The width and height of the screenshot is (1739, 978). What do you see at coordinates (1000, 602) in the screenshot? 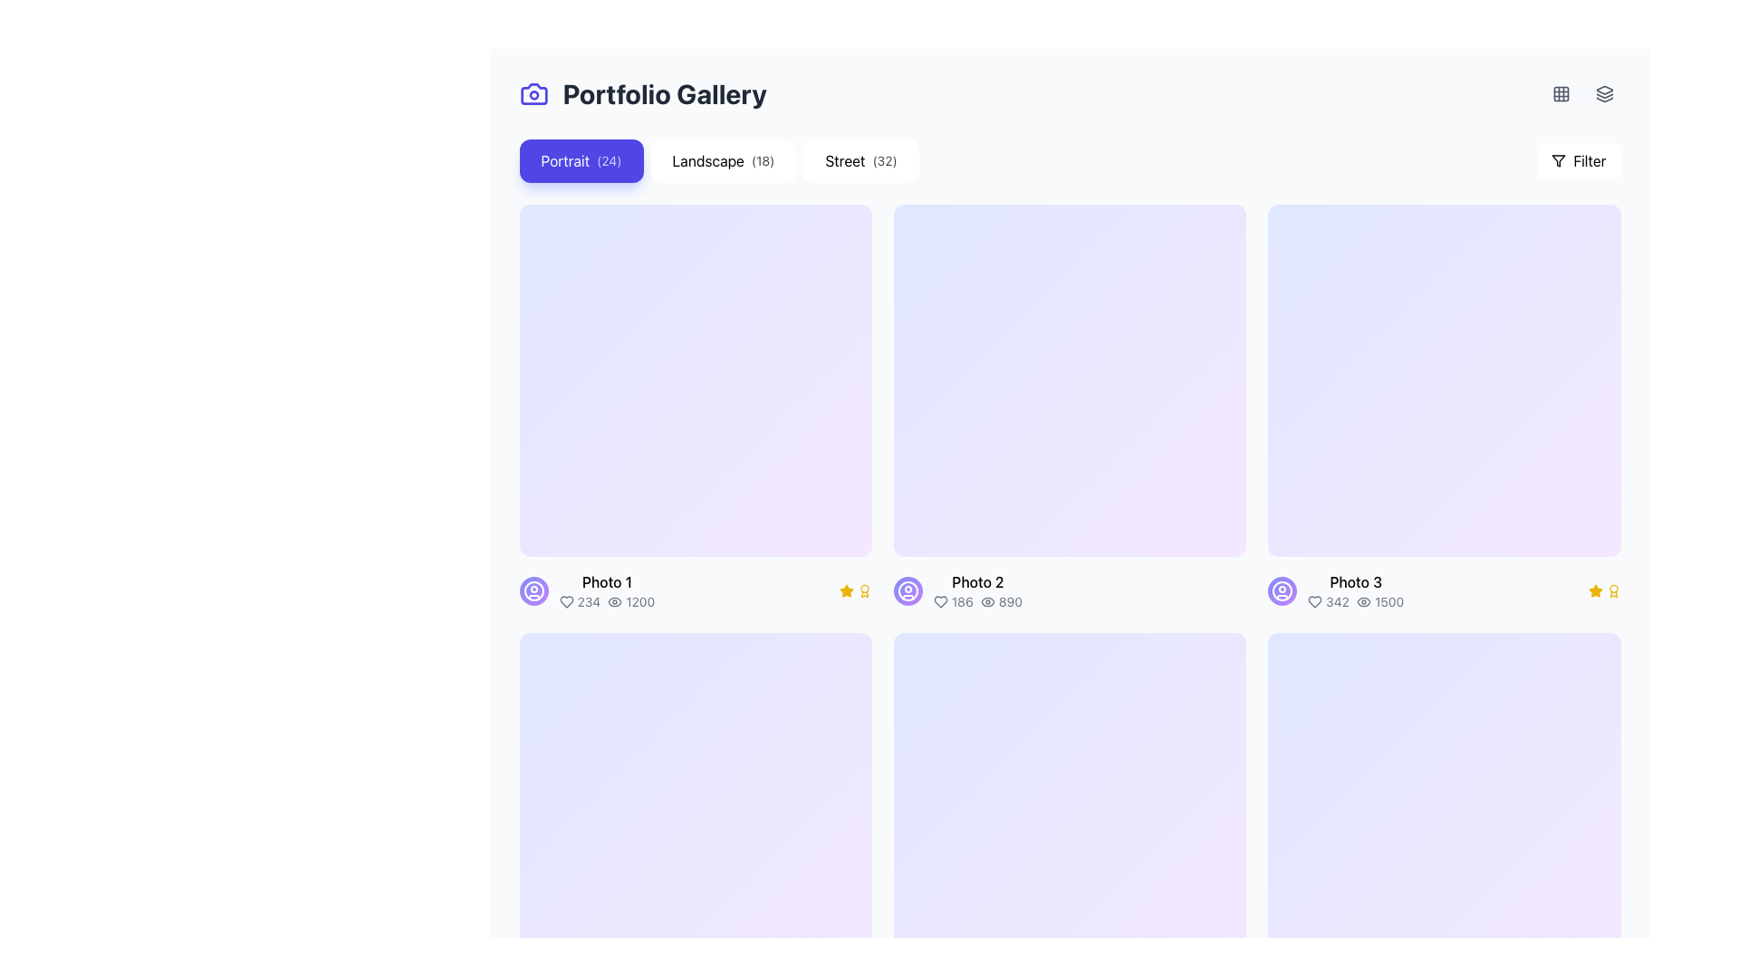
I see `the non-interactive informational display showing the view count '890' next to an eye icon, positioned beneath 'Photo 2'` at bounding box center [1000, 602].